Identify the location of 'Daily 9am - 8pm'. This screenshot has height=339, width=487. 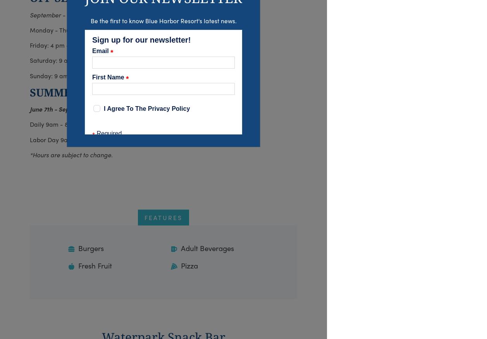
(30, 124).